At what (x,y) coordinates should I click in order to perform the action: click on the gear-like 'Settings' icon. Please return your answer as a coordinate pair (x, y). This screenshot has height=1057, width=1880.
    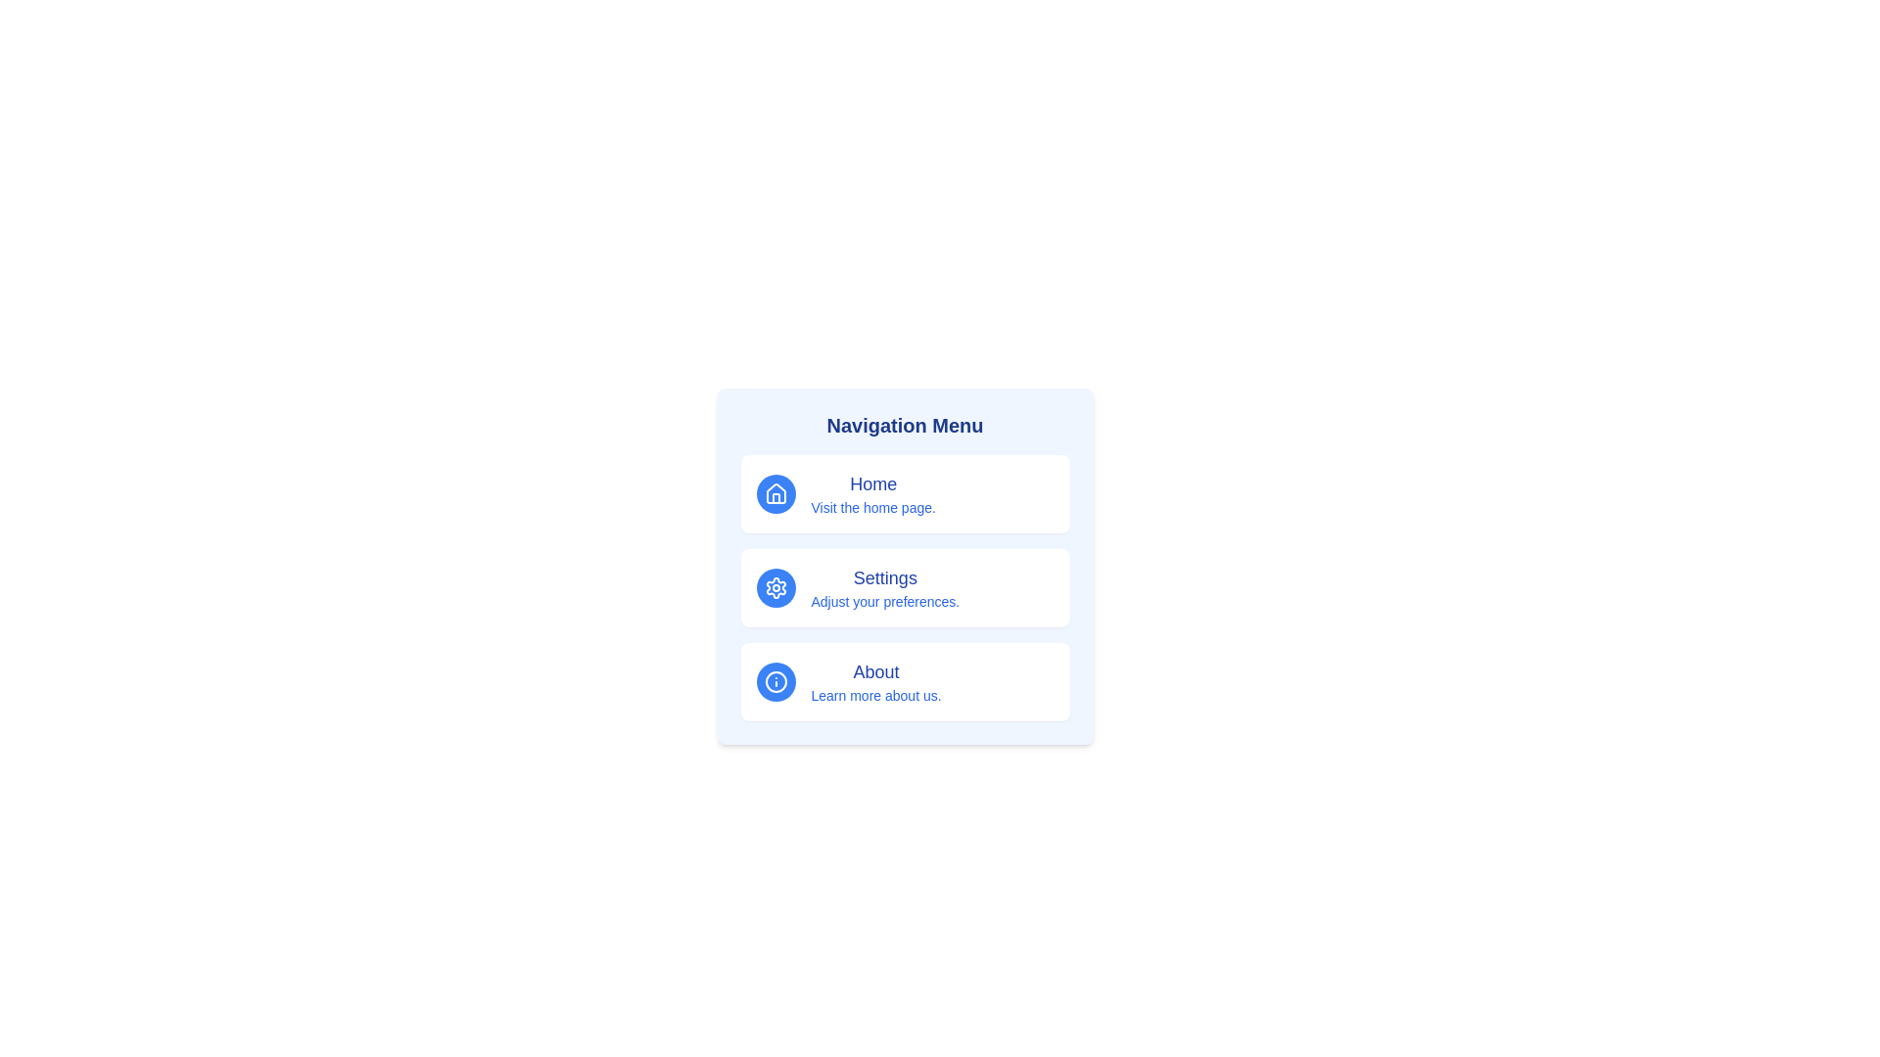
    Looking at the image, I should click on (775, 587).